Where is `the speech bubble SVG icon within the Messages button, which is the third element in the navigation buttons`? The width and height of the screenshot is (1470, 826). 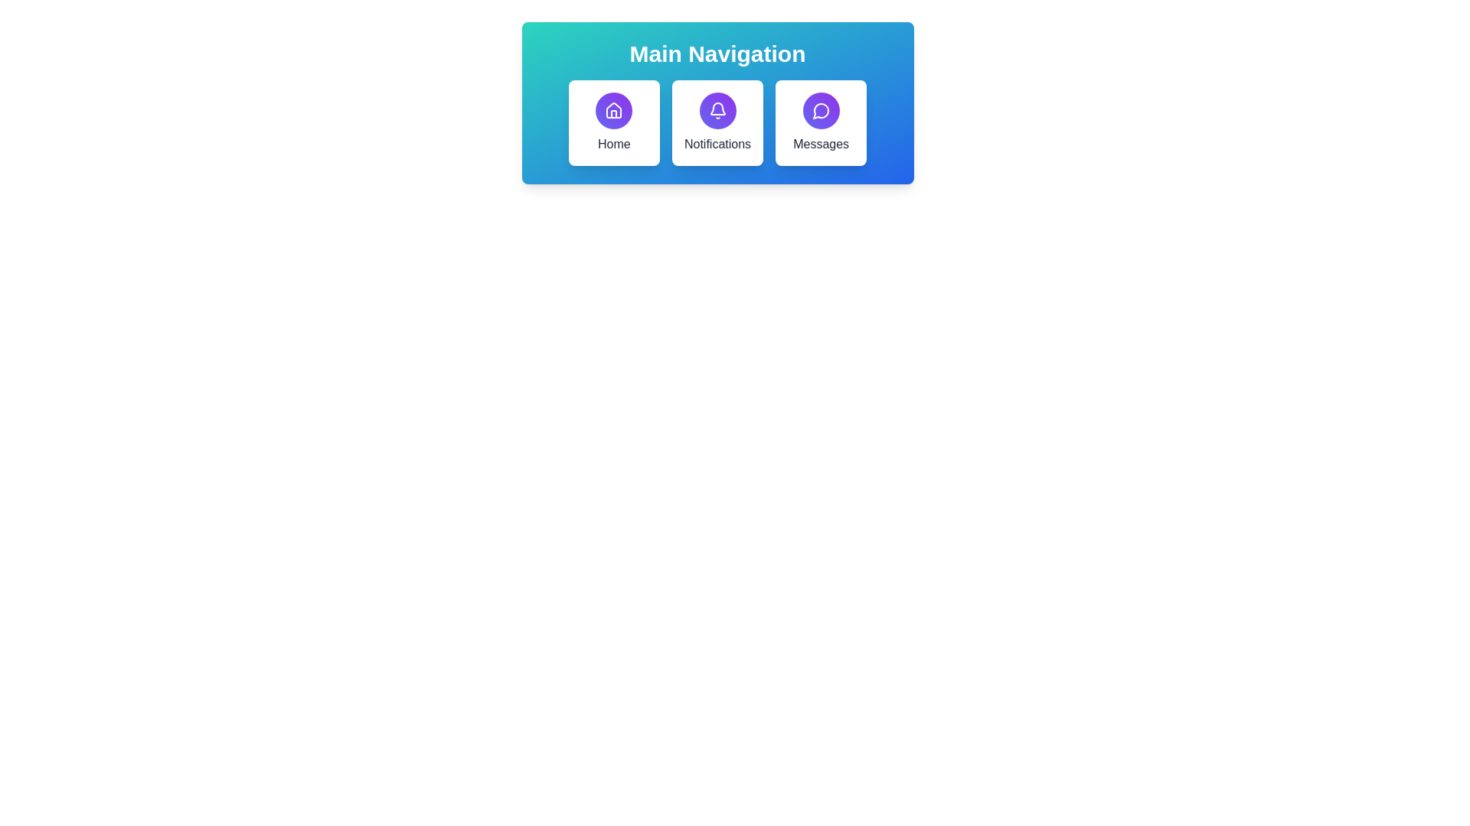
the speech bubble SVG icon within the Messages button, which is the third element in the navigation buttons is located at coordinates (820, 110).